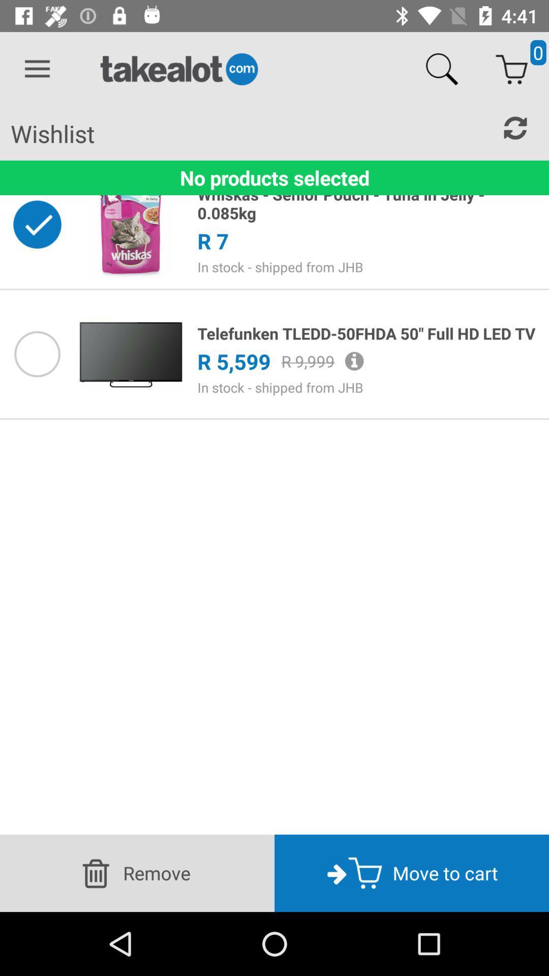 The height and width of the screenshot is (976, 549). What do you see at coordinates (130, 224) in the screenshot?
I see `the image which is before r 7` at bounding box center [130, 224].